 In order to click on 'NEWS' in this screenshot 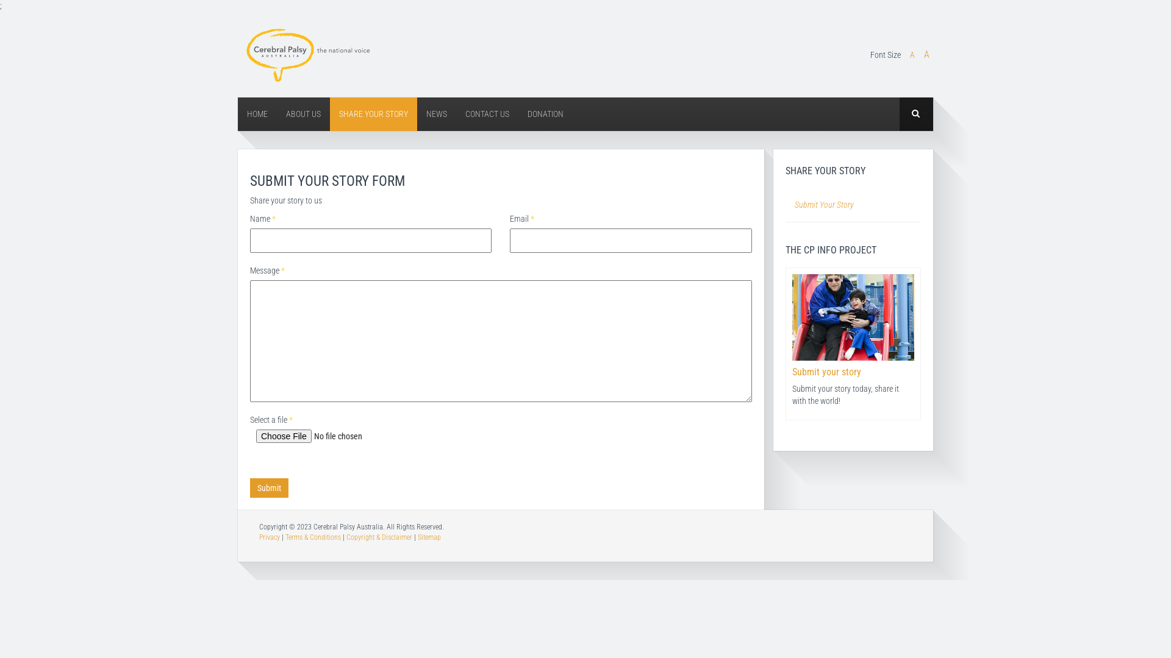, I will do `click(417, 114)`.